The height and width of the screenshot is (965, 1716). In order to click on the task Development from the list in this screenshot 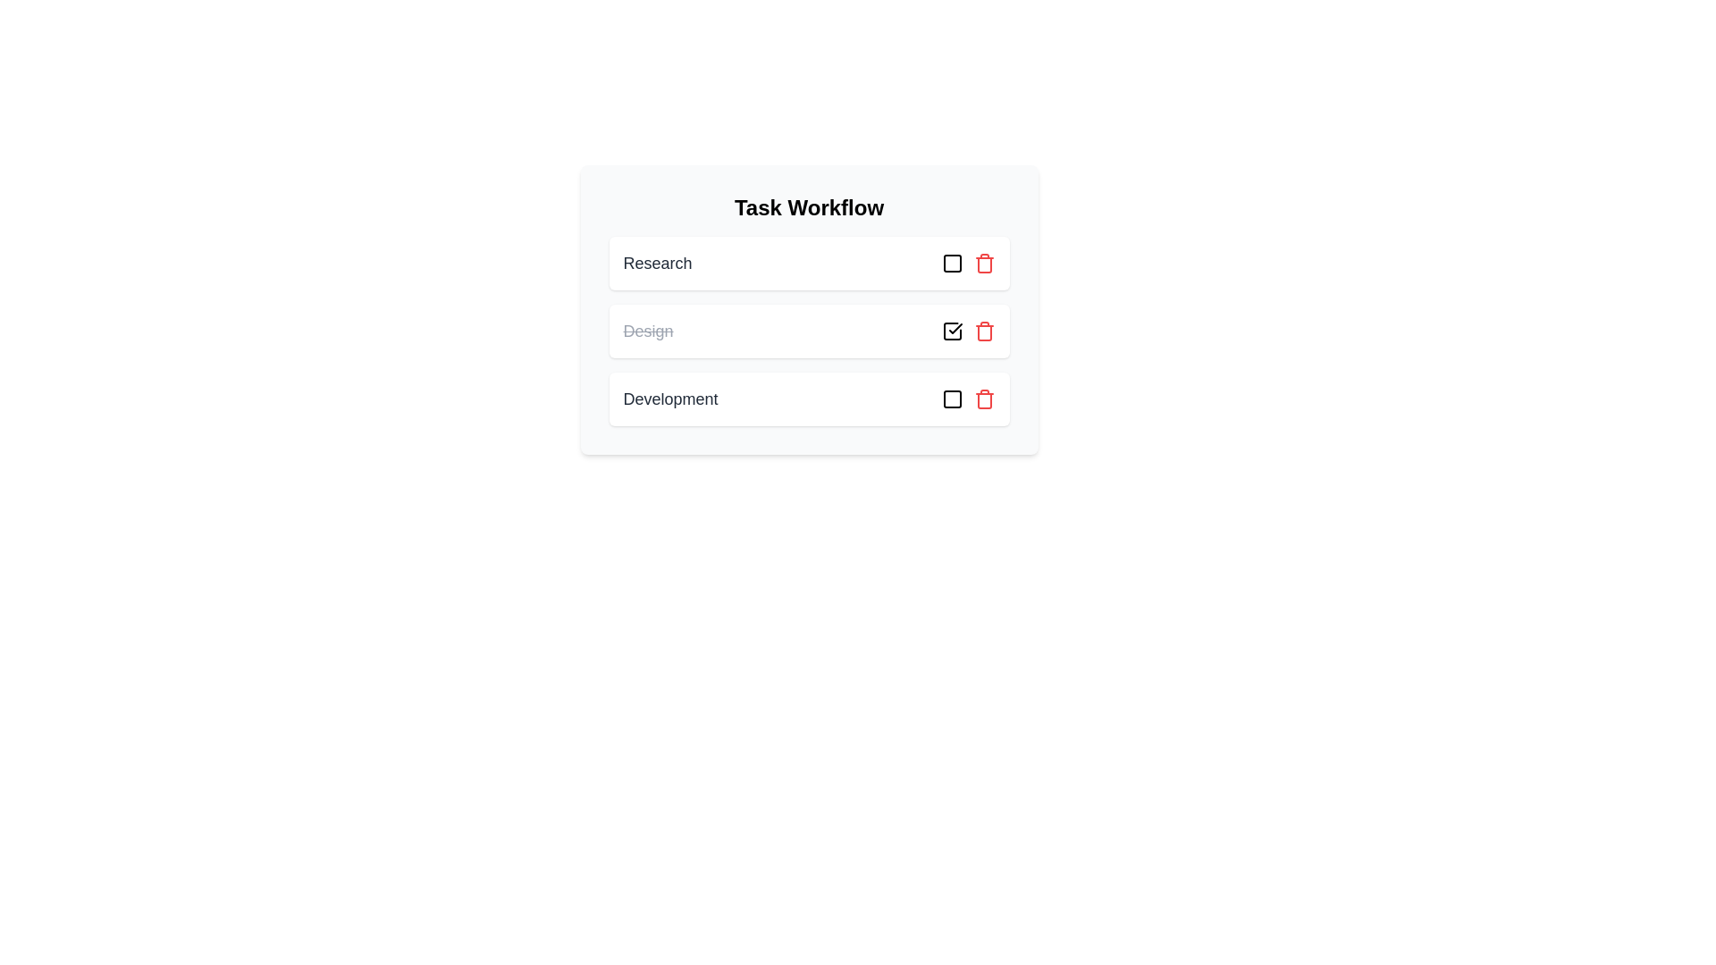, I will do `click(983, 399)`.